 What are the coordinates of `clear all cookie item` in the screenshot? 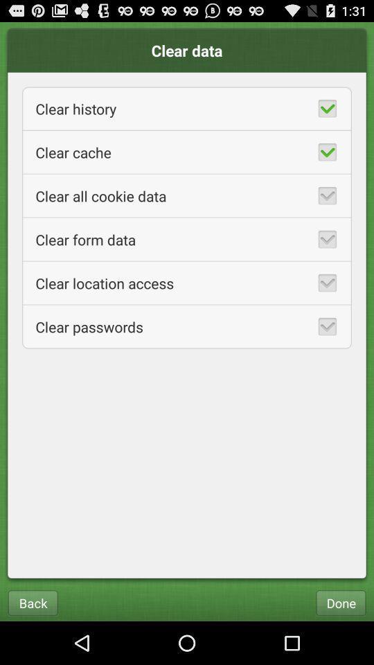 It's located at (187, 195).